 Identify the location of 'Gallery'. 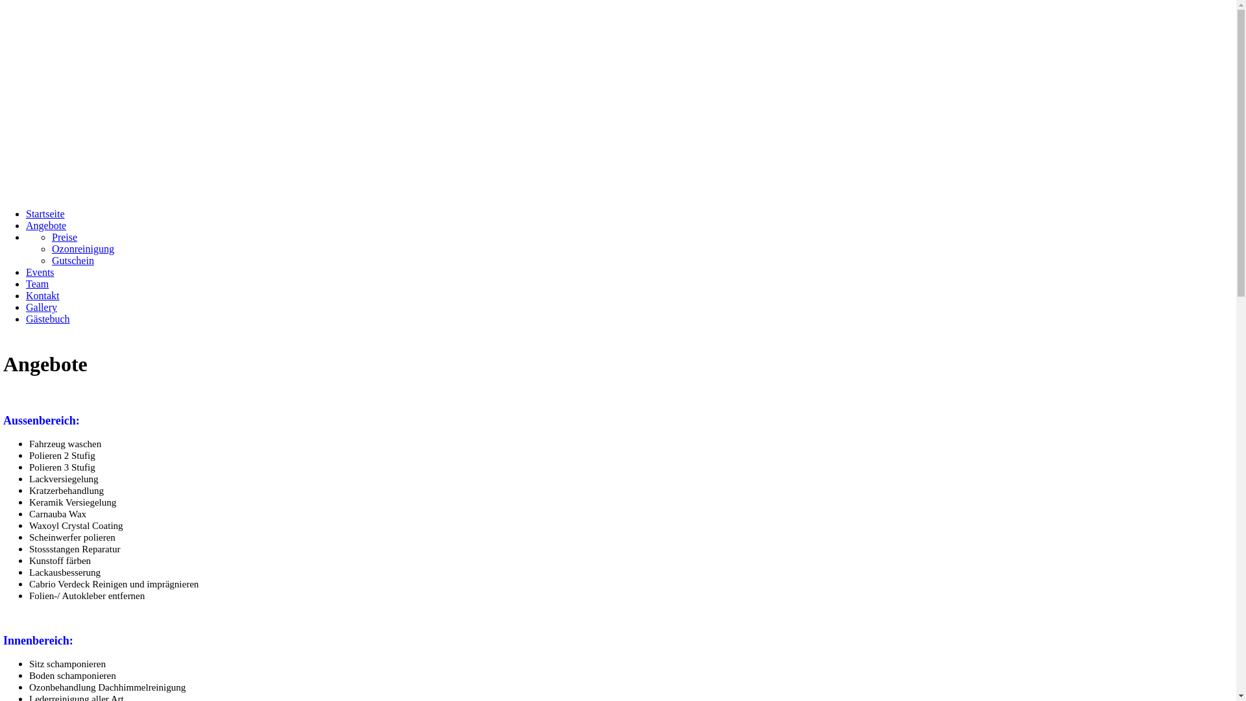
(41, 307).